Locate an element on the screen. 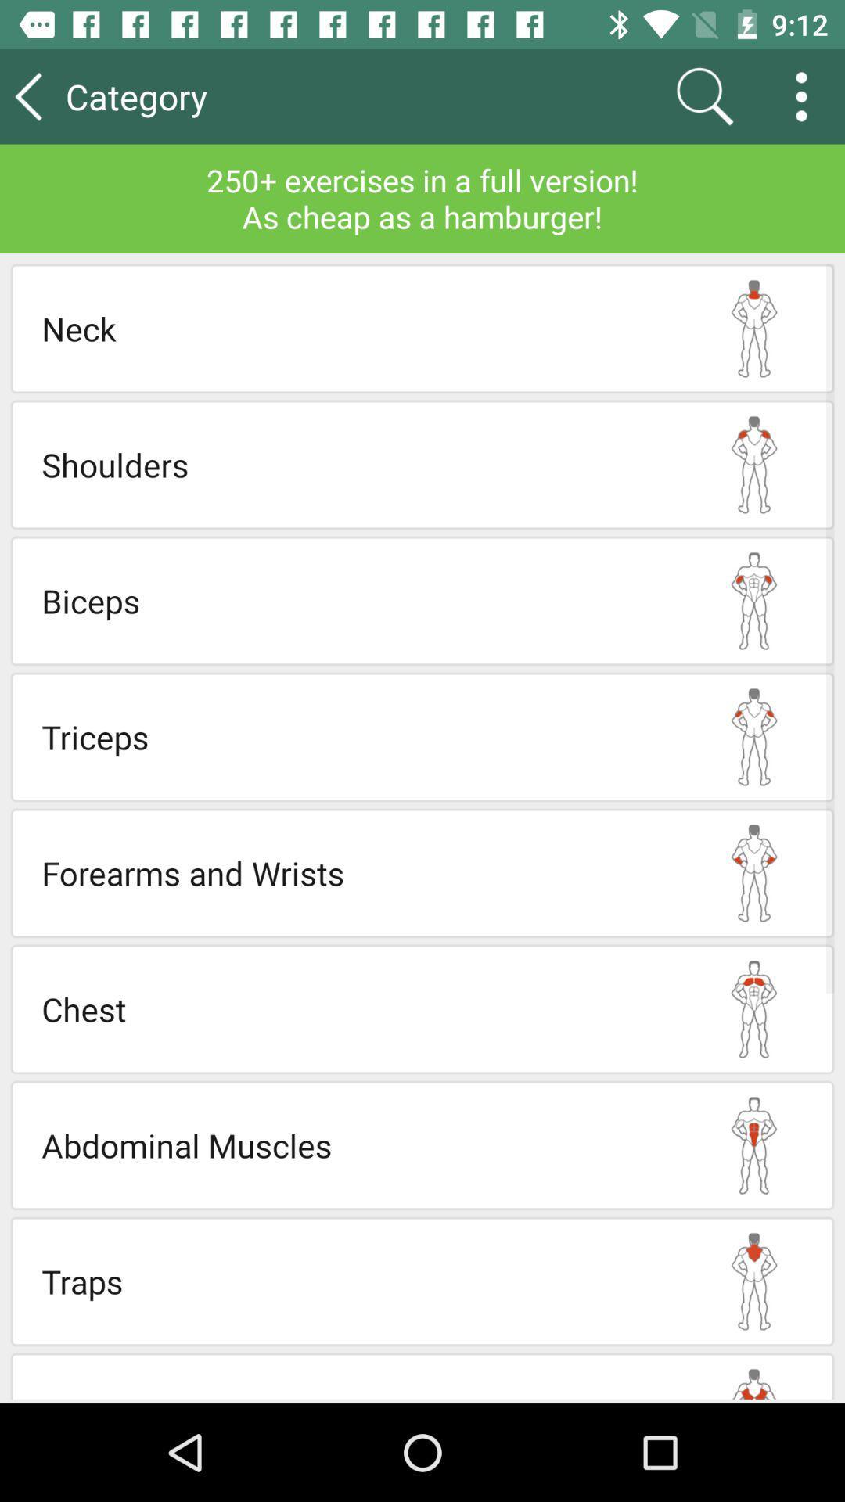 This screenshot has width=845, height=1502. category icon is located at coordinates (180, 95).